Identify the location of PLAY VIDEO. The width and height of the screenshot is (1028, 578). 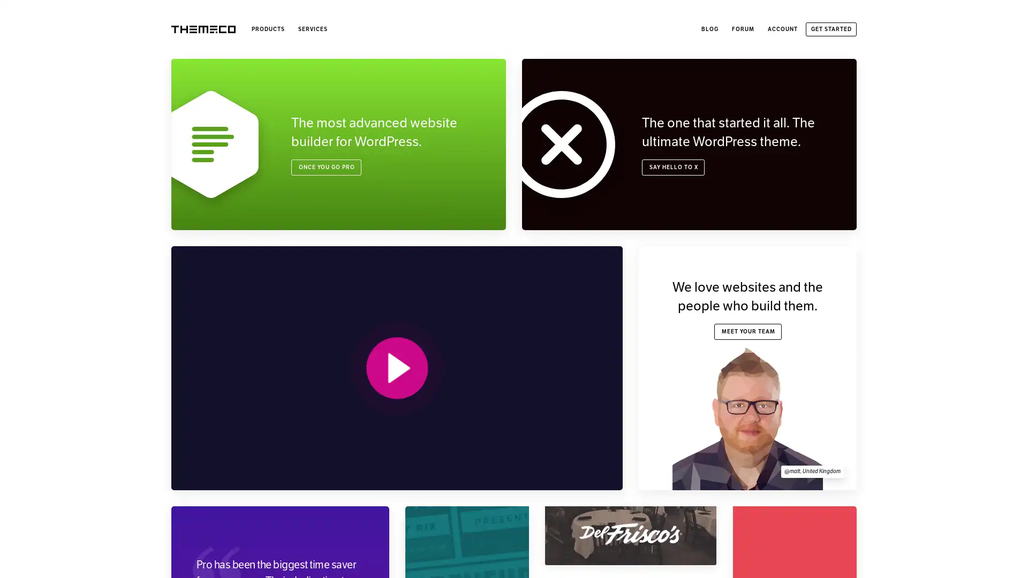
(396, 367).